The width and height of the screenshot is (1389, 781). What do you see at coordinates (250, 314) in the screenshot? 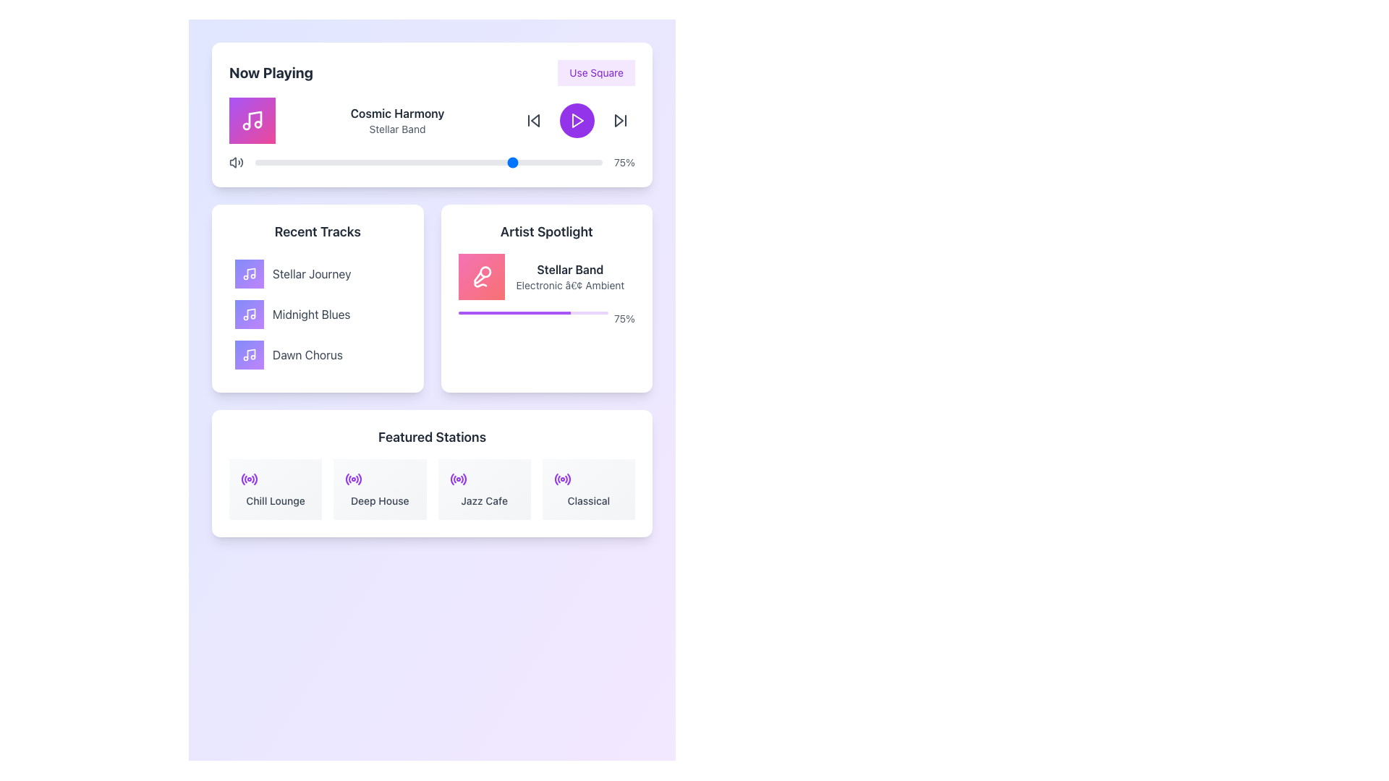
I see `the square icon with a gradient background transitioning from indigo to purple, featuring a white musical note icon, located in the 'Recent Tracks' section next to the 'Midnight Blues' text label` at bounding box center [250, 314].